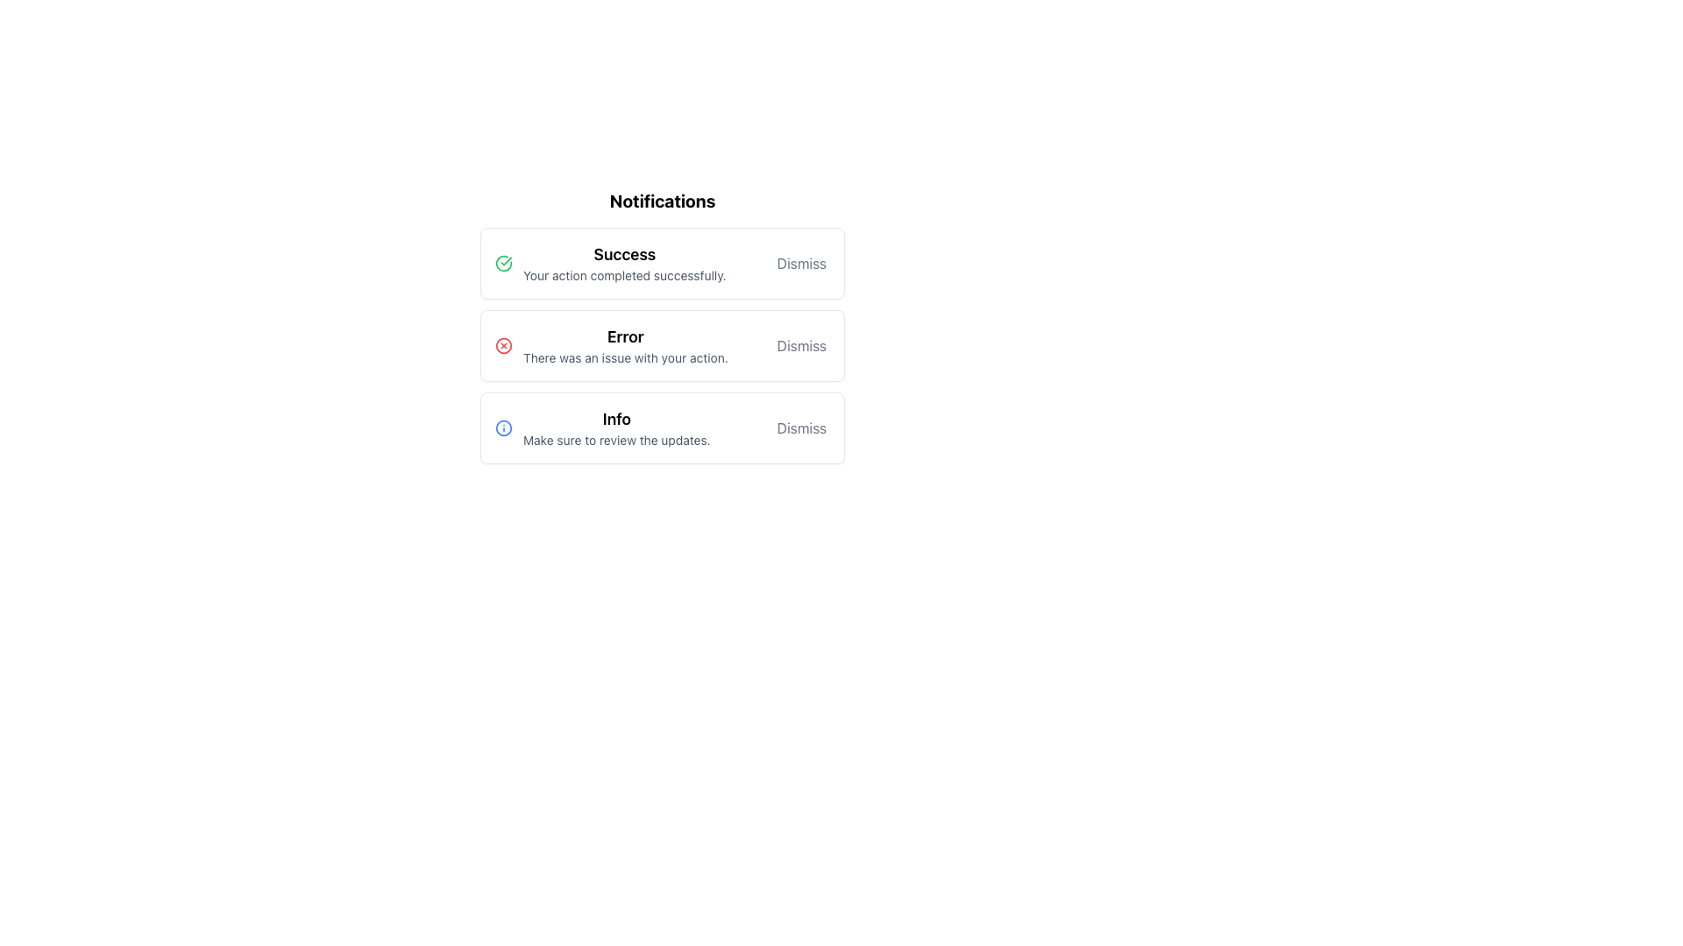 This screenshot has height=946, width=1683. What do you see at coordinates (800, 263) in the screenshot?
I see `the 'Dismiss' button, which is a gray text button that changes to a darker shade upon hover, located at the top-right of the success message notification block` at bounding box center [800, 263].